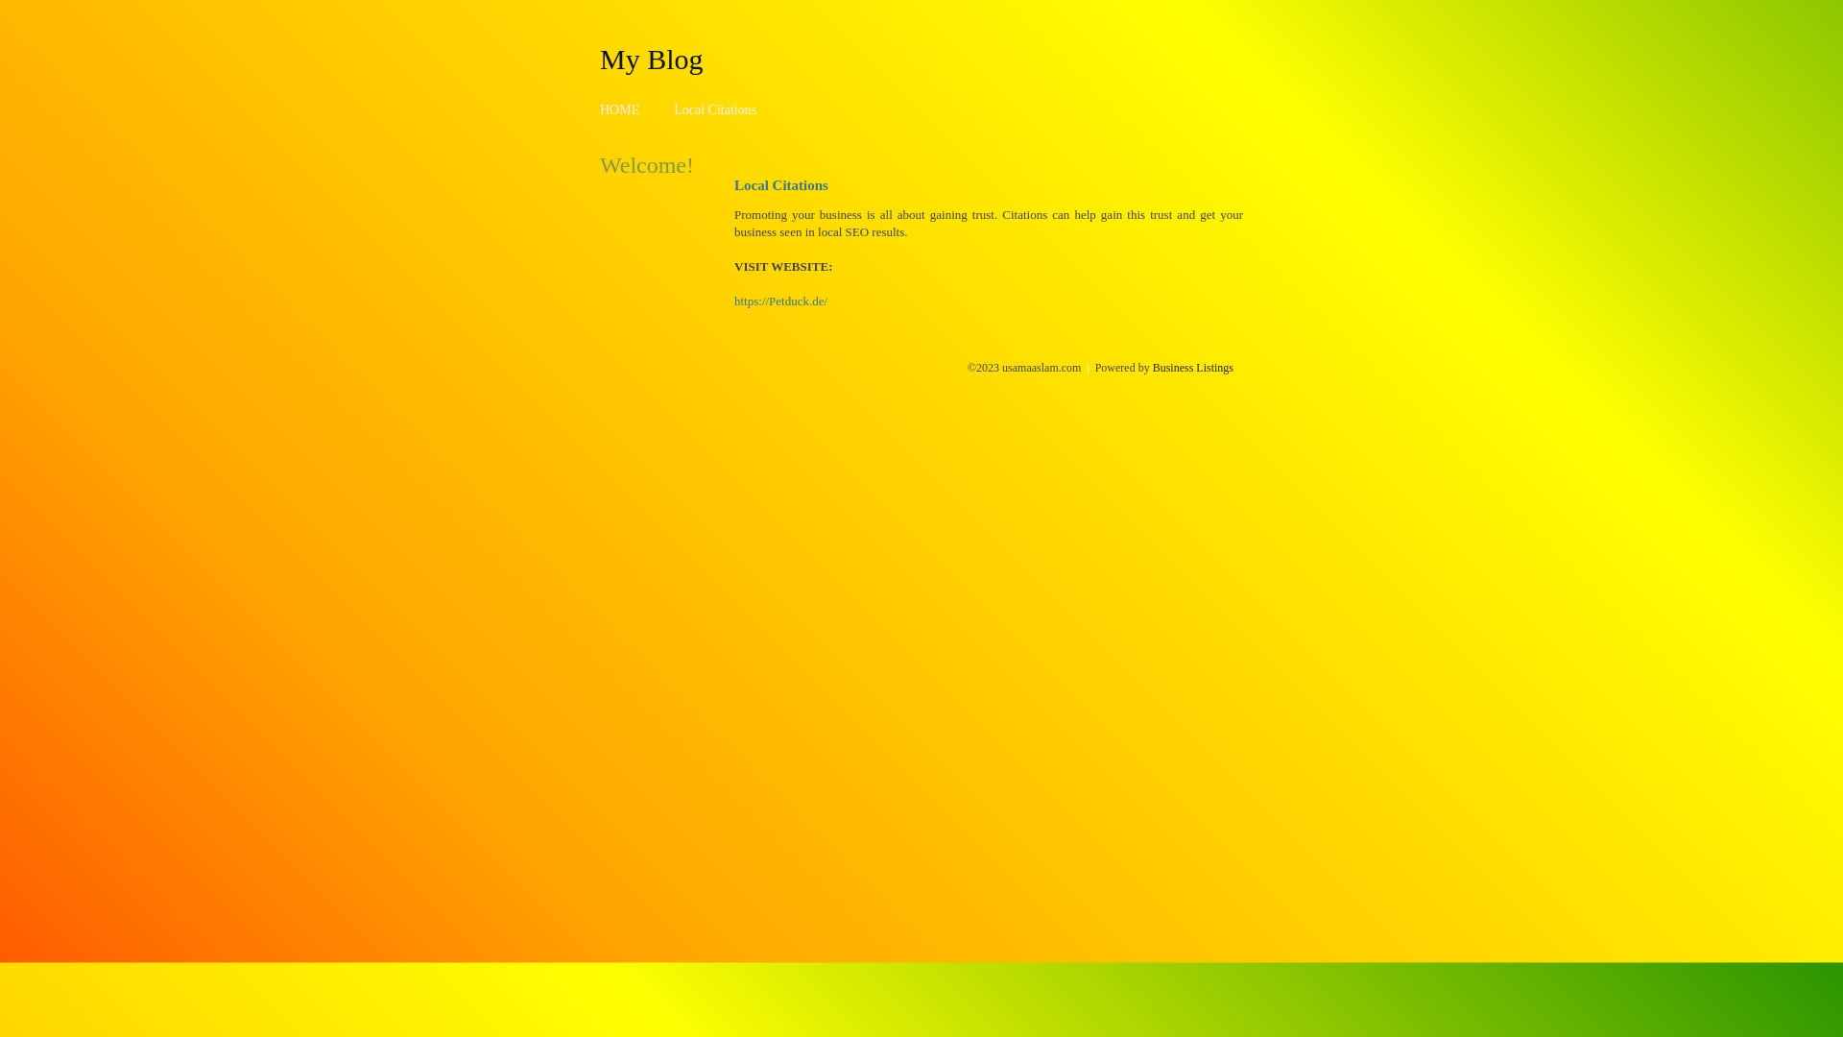 The image size is (1843, 1037). I want to click on 'Local Citations', so click(673, 109).